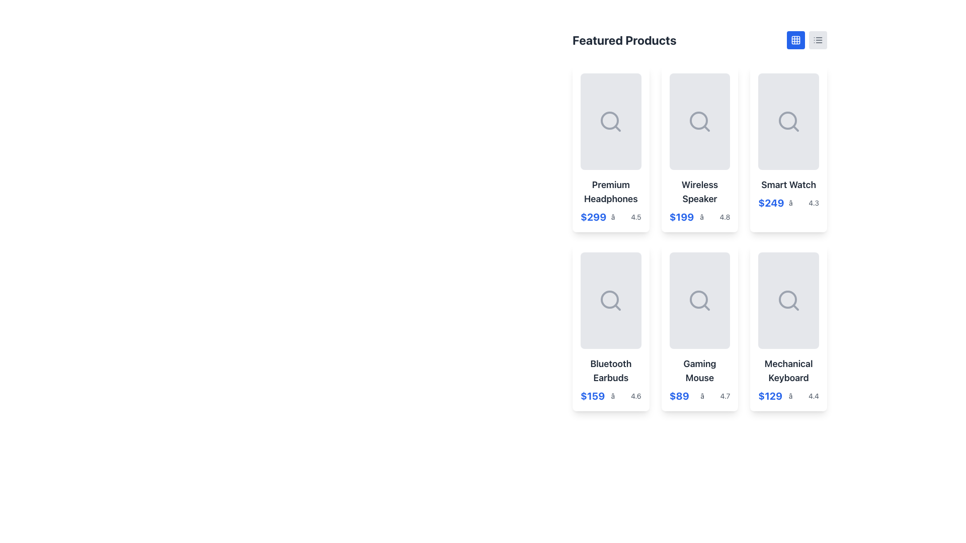  I want to click on the Placeholder with icon located in the Smart Watch card in the top-right section of the layout, so click(788, 121).